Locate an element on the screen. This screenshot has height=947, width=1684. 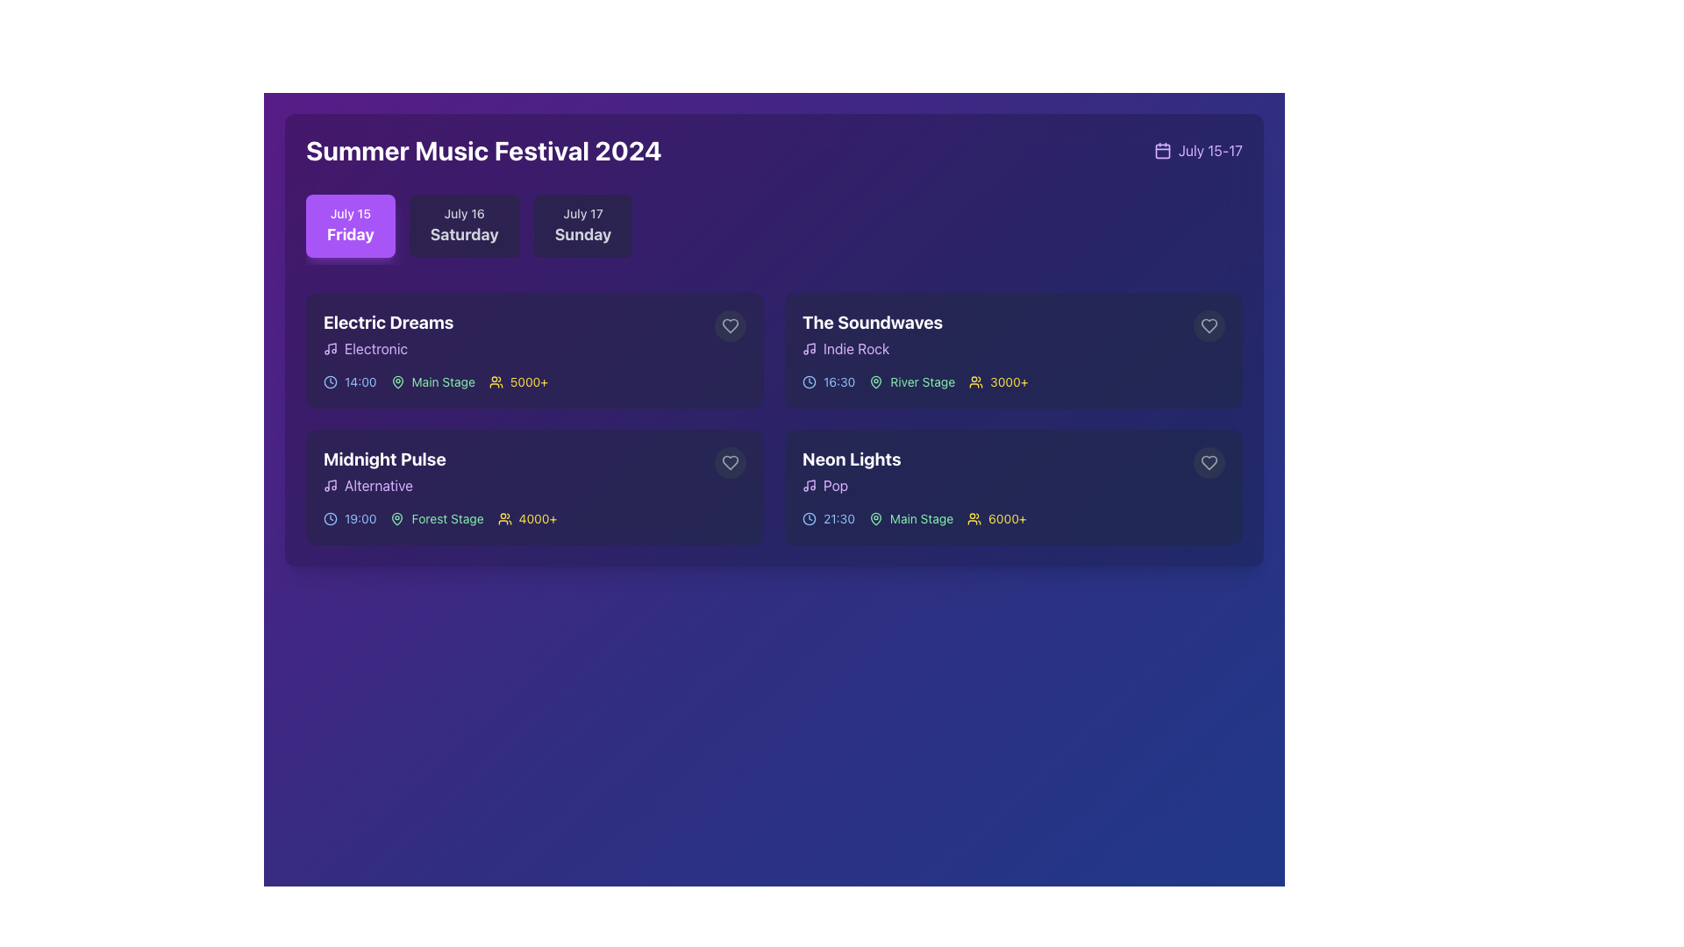
the clock icon located to the left of the time label '14:00' in the event details for 'Electric Dreams' on the 'July 15 Friday' tab is located at coordinates (331, 381).